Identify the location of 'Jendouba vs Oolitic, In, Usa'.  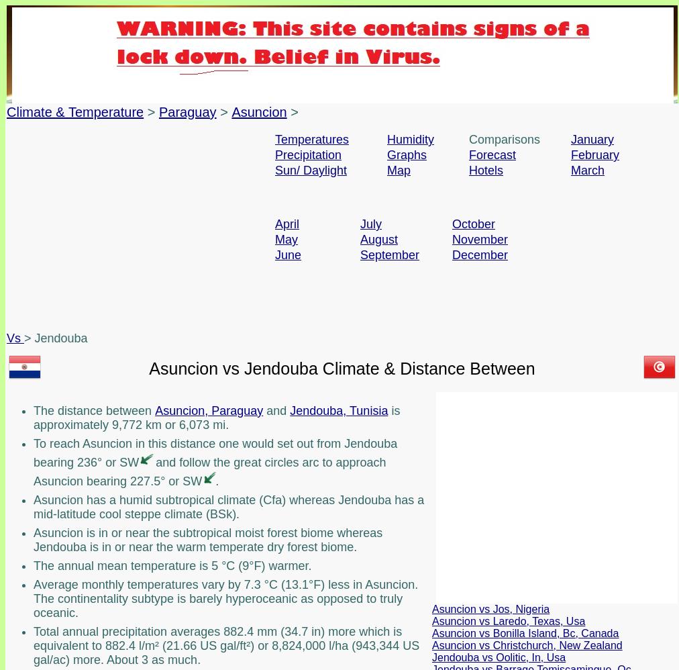
(499, 656).